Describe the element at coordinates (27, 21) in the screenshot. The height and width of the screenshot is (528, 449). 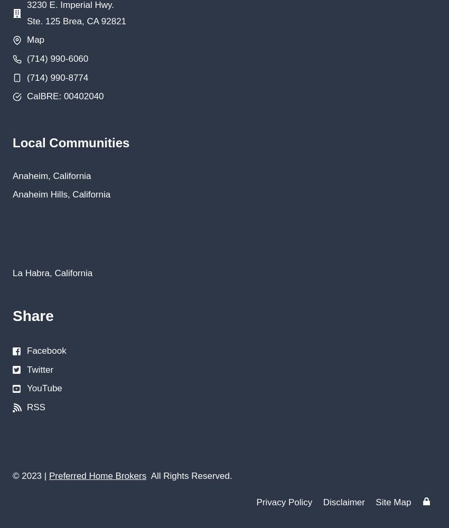
I see `'Ste. 125 Brea, CA 92821'` at that location.